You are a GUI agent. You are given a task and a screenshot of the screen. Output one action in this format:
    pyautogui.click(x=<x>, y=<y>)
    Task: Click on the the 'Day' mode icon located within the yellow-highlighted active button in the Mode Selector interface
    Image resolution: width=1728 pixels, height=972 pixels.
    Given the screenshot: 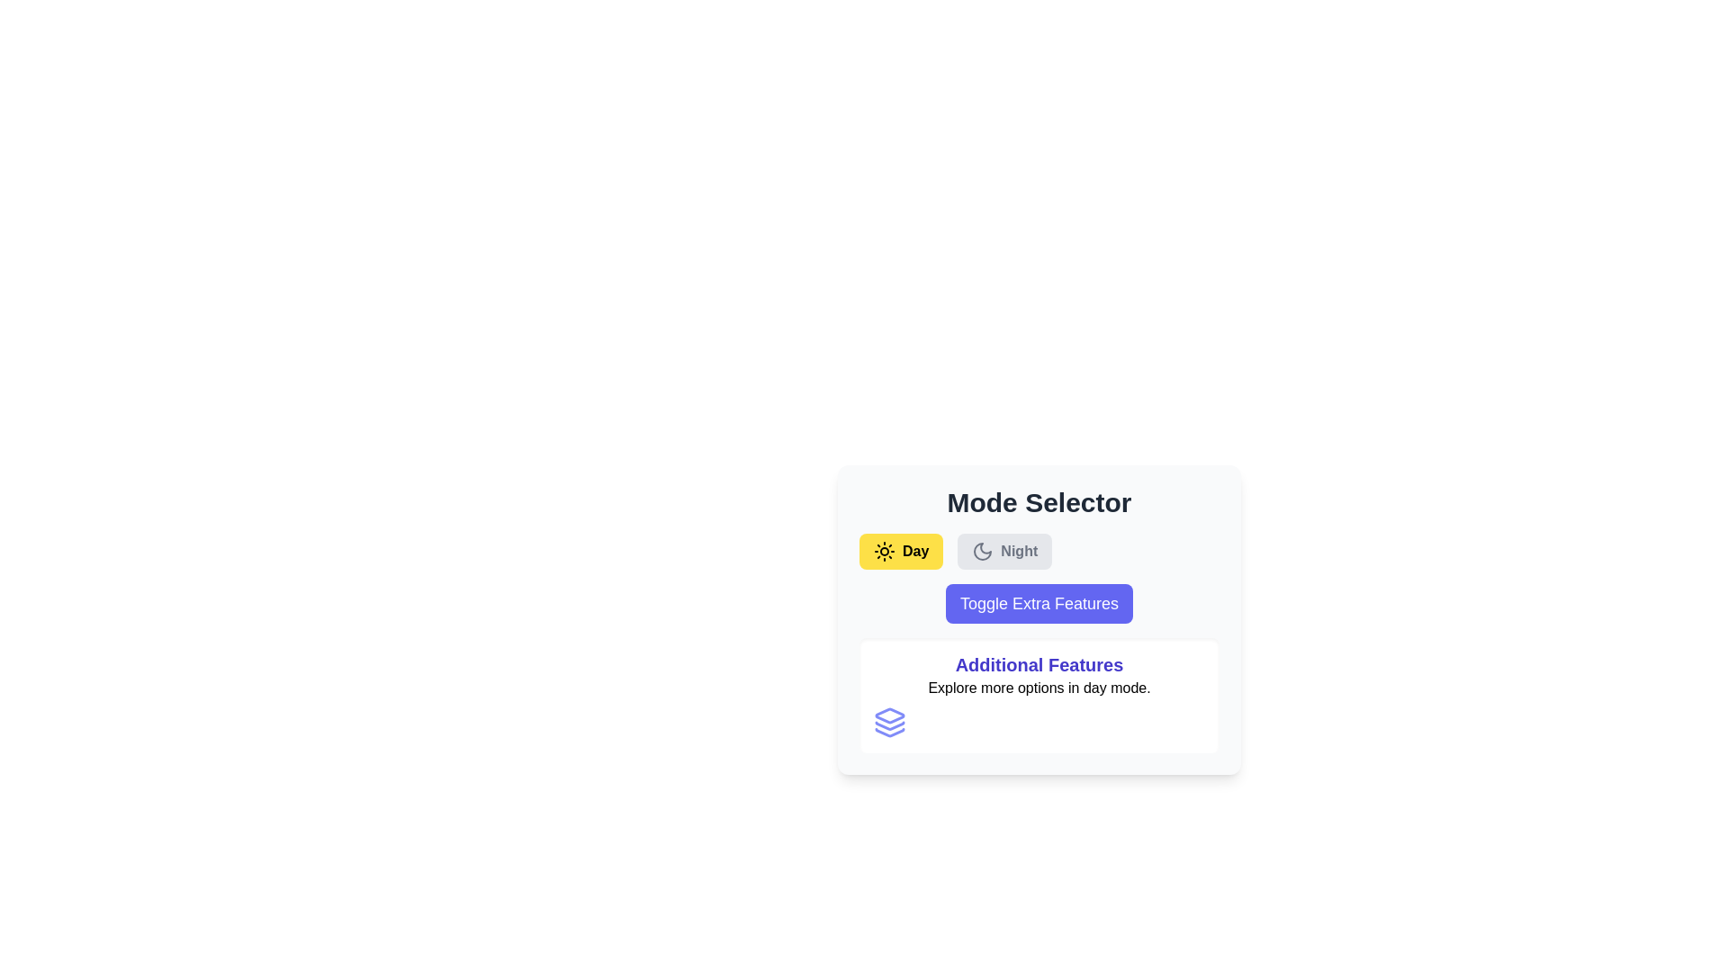 What is the action you would take?
    pyautogui.click(x=885, y=551)
    